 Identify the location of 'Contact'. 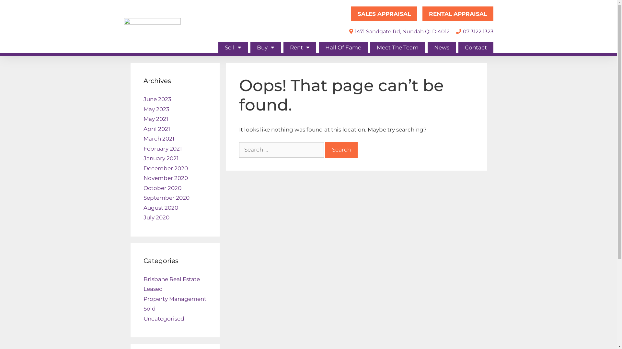
(476, 47).